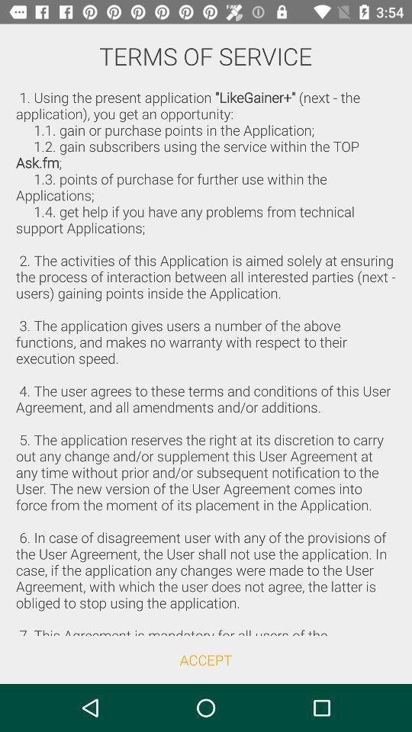 Image resolution: width=412 pixels, height=732 pixels. What do you see at coordinates (206, 659) in the screenshot?
I see `the icon below the 1 using the` at bounding box center [206, 659].